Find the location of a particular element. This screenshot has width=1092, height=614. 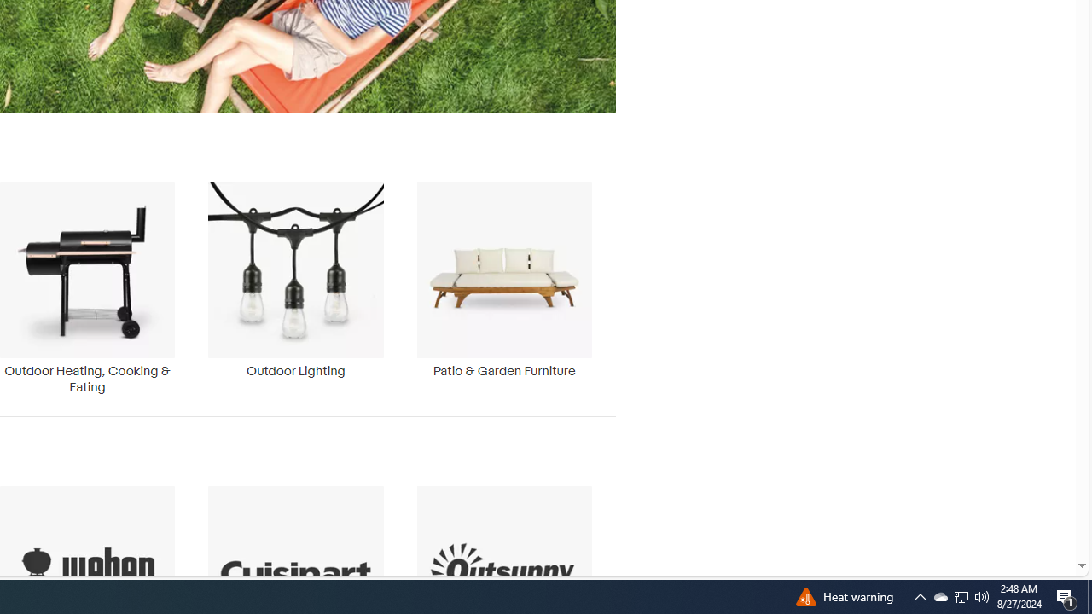

'Patio & Garden Furniture' is located at coordinates (503, 287).